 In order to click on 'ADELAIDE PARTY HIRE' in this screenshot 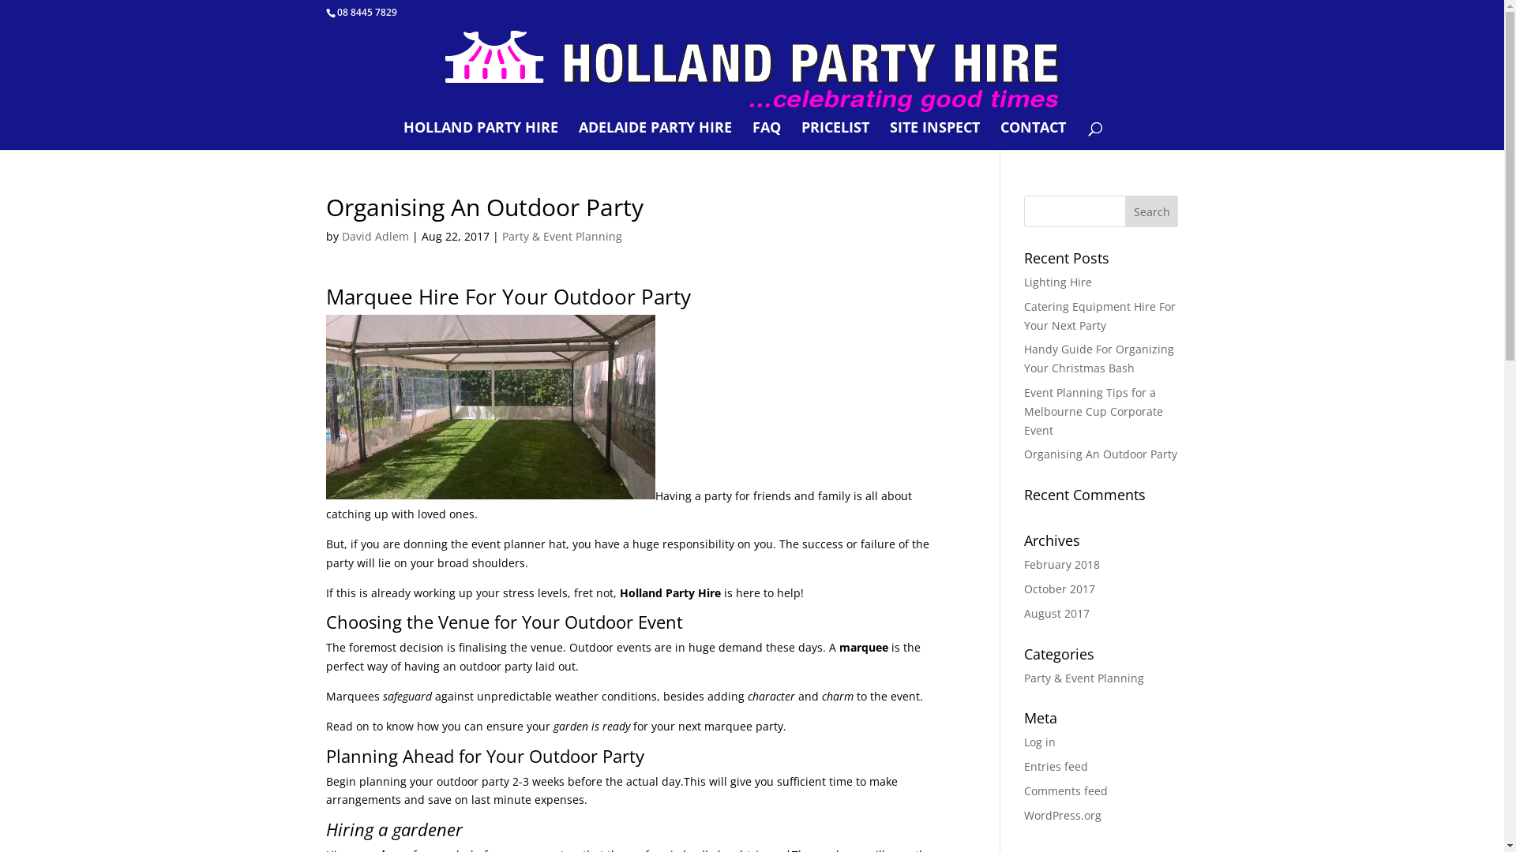, I will do `click(655, 135)`.